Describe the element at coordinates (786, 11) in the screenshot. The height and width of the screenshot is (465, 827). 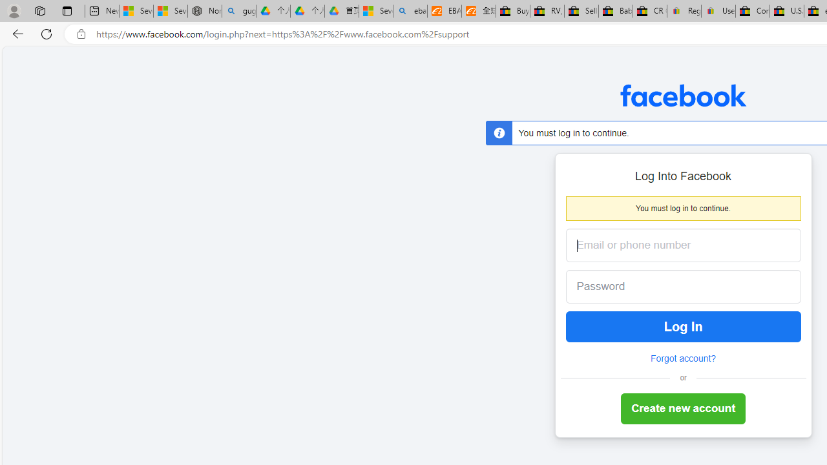
I see `'U.S. State Privacy Disclosures - eBay Inc.'` at that location.